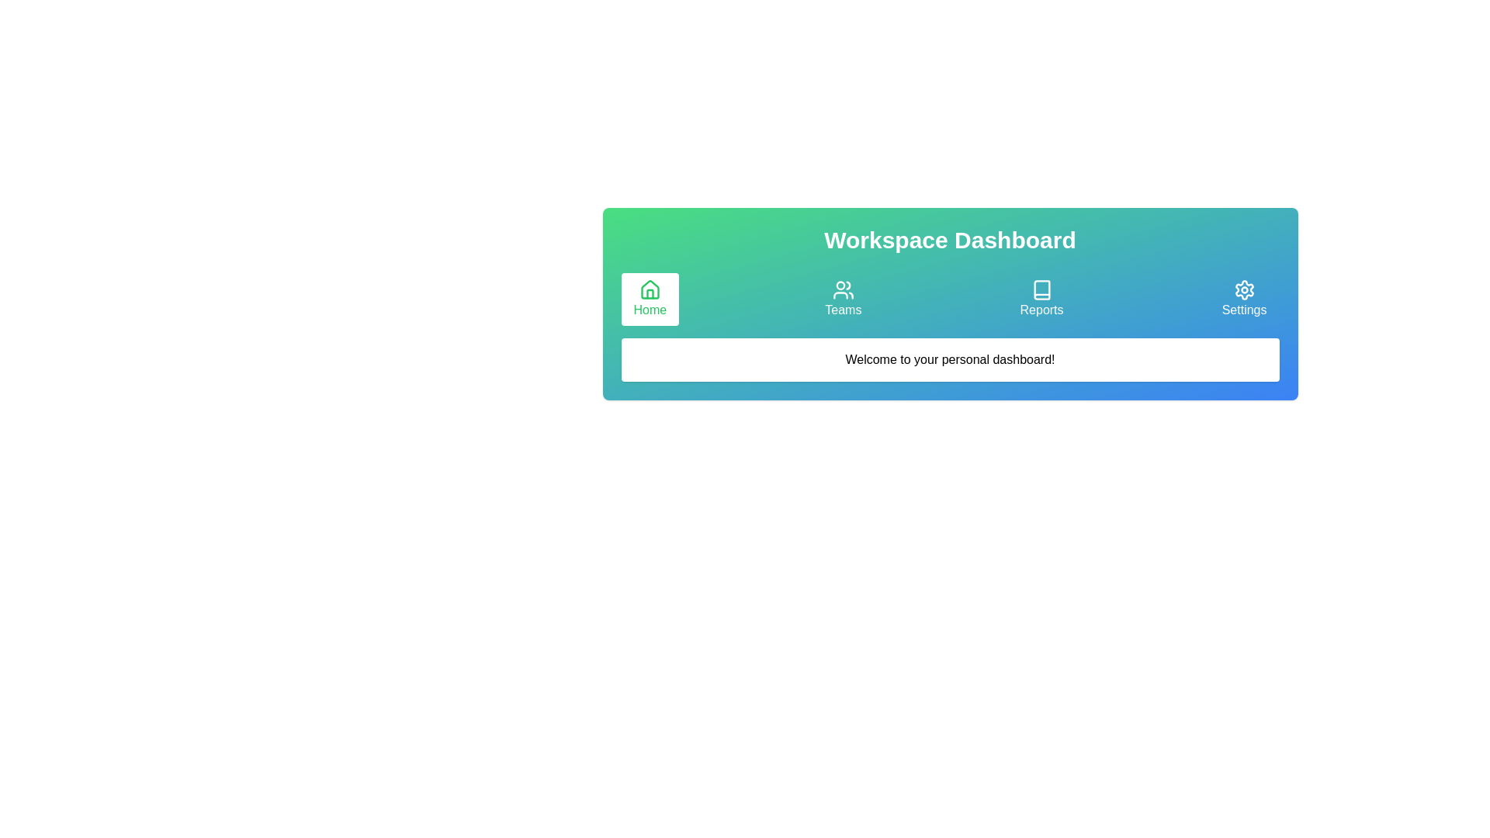 This screenshot has width=1490, height=838. What do you see at coordinates (842, 290) in the screenshot?
I see `the minimalist icon representing a group of people, located in the navigation bar above the 'Teams' label, which is the second item from the left between 'Home' and 'Reports'` at bounding box center [842, 290].